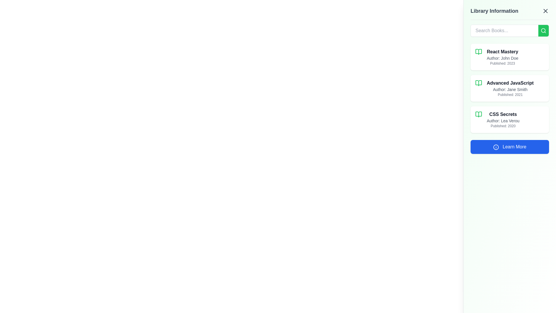 Image resolution: width=556 pixels, height=313 pixels. What do you see at coordinates (478, 51) in the screenshot?
I see `the lower portion of the book icon associated with the 'React Mastery' listing in the sidebar` at bounding box center [478, 51].